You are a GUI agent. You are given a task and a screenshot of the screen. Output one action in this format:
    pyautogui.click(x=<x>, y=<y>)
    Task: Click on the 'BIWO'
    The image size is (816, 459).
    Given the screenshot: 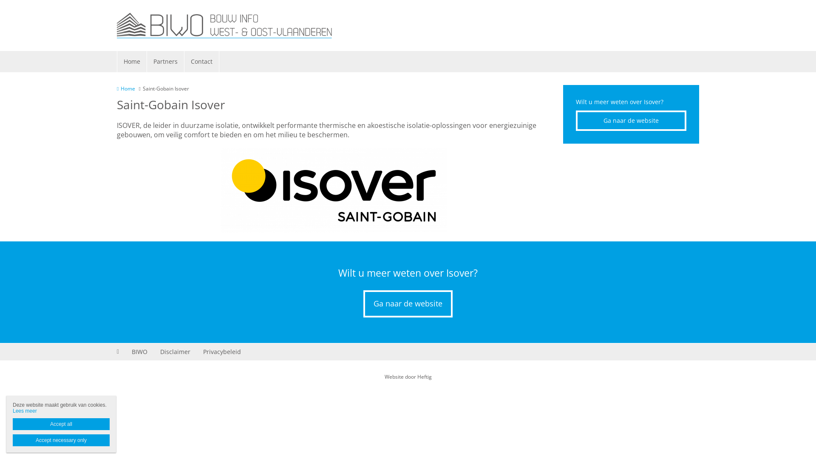 What is the action you would take?
    pyautogui.click(x=139, y=352)
    